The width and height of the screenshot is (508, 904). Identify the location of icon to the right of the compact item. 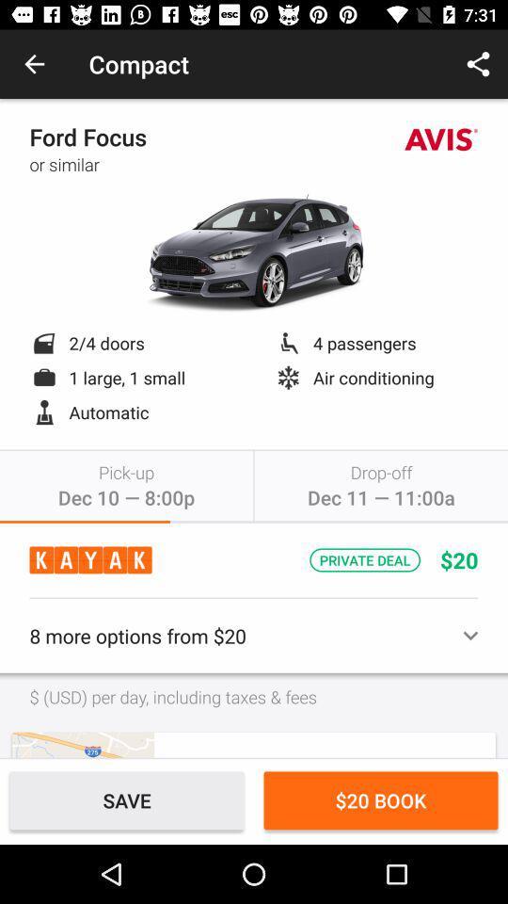
(478, 64).